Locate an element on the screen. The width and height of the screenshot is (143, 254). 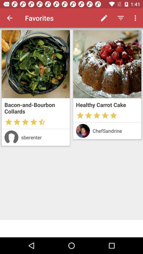
the app to the right of favorites item is located at coordinates (104, 18).